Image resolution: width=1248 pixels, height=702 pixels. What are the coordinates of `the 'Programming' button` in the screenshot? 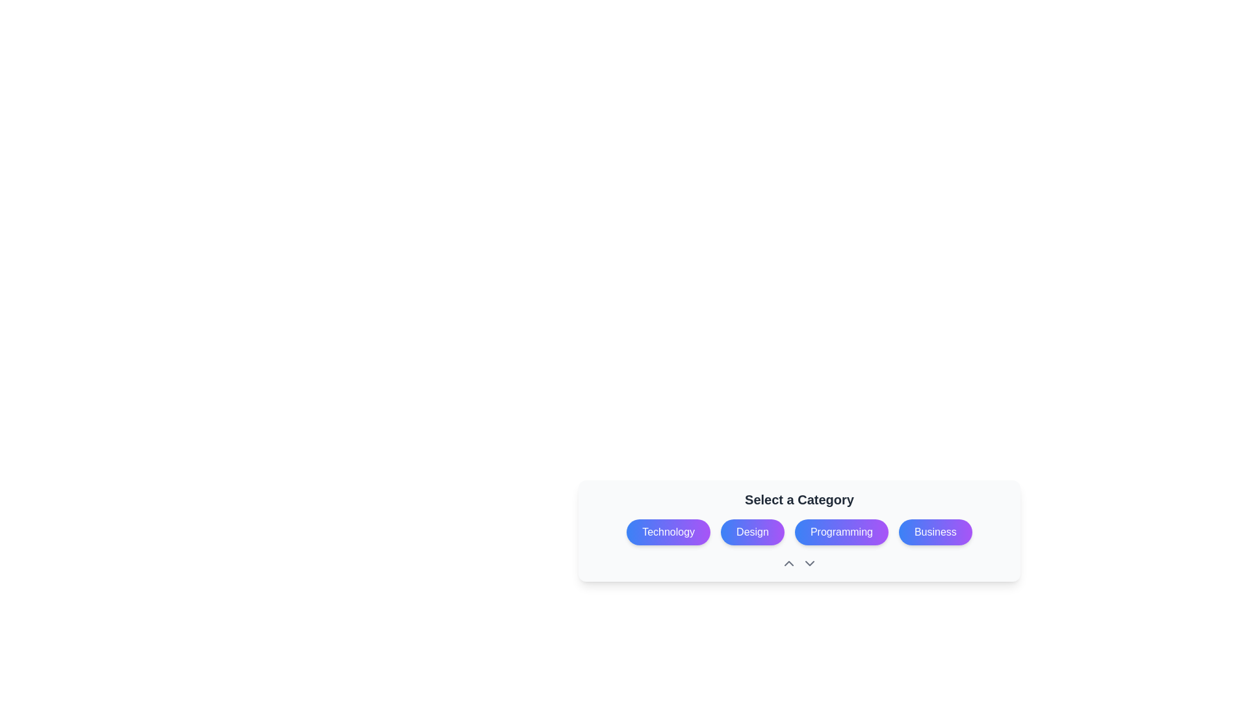 It's located at (798, 531).